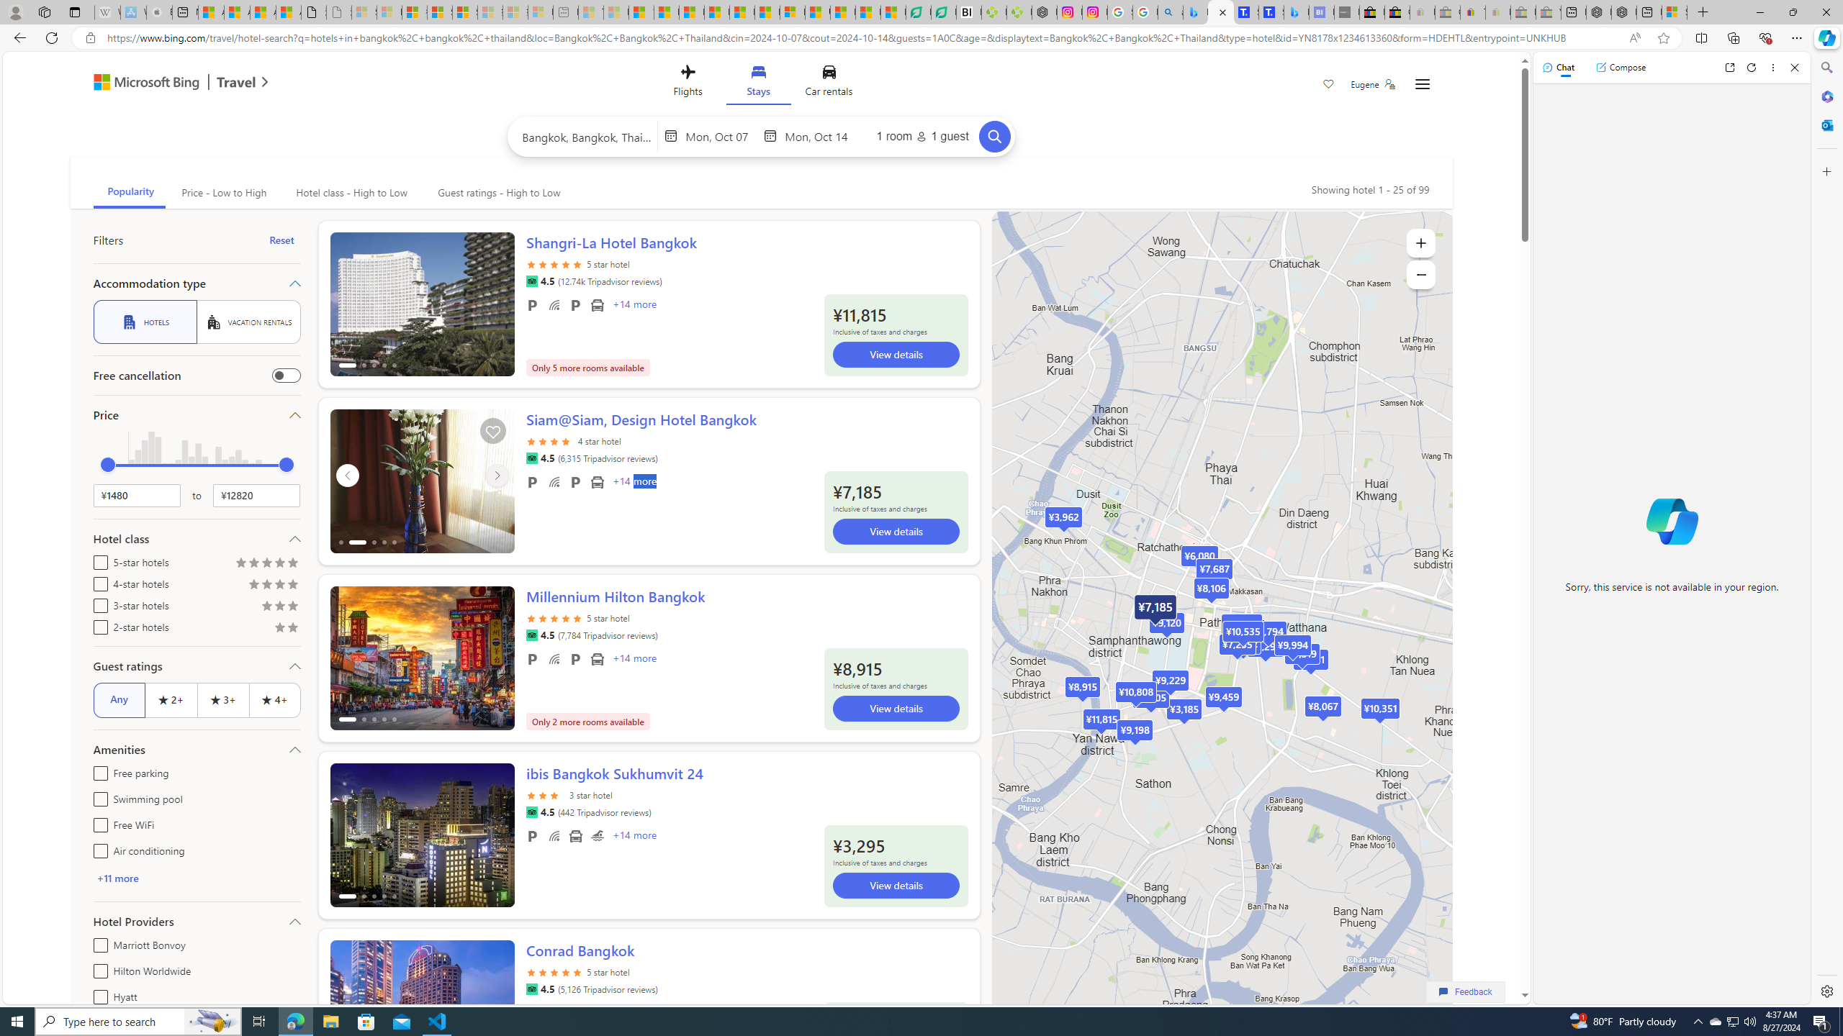  What do you see at coordinates (222, 192) in the screenshot?
I see `'Price - Low to High'` at bounding box center [222, 192].